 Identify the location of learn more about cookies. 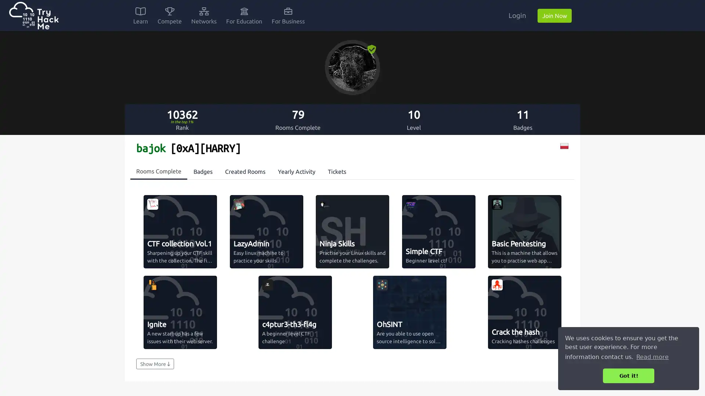
(652, 356).